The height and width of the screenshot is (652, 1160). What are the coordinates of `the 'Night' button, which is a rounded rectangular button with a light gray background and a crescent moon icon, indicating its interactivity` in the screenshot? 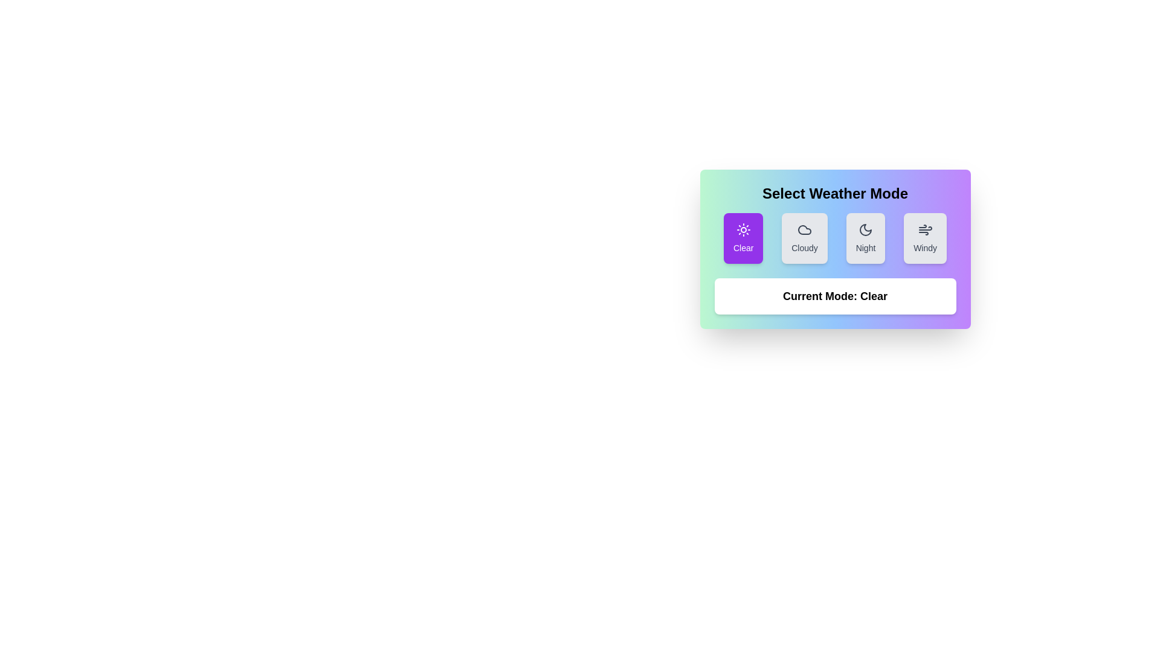 It's located at (865, 238).